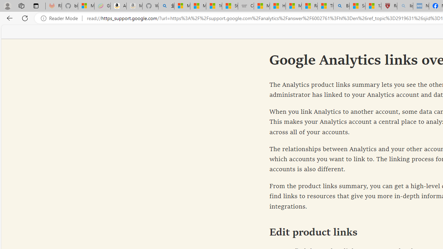 The width and height of the screenshot is (443, 249). Describe the element at coordinates (309, 6) in the screenshot. I see `'Recipes - MSN'` at that location.